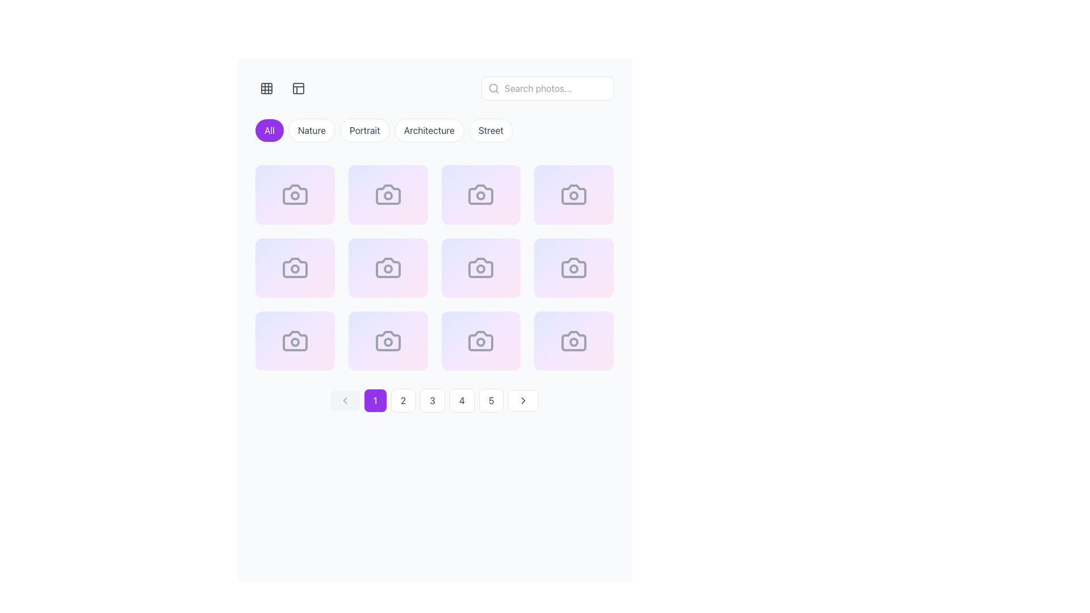 The image size is (1090, 613). I want to click on the last button in the row at the bottom-right corner of the interface, so click(605, 351).